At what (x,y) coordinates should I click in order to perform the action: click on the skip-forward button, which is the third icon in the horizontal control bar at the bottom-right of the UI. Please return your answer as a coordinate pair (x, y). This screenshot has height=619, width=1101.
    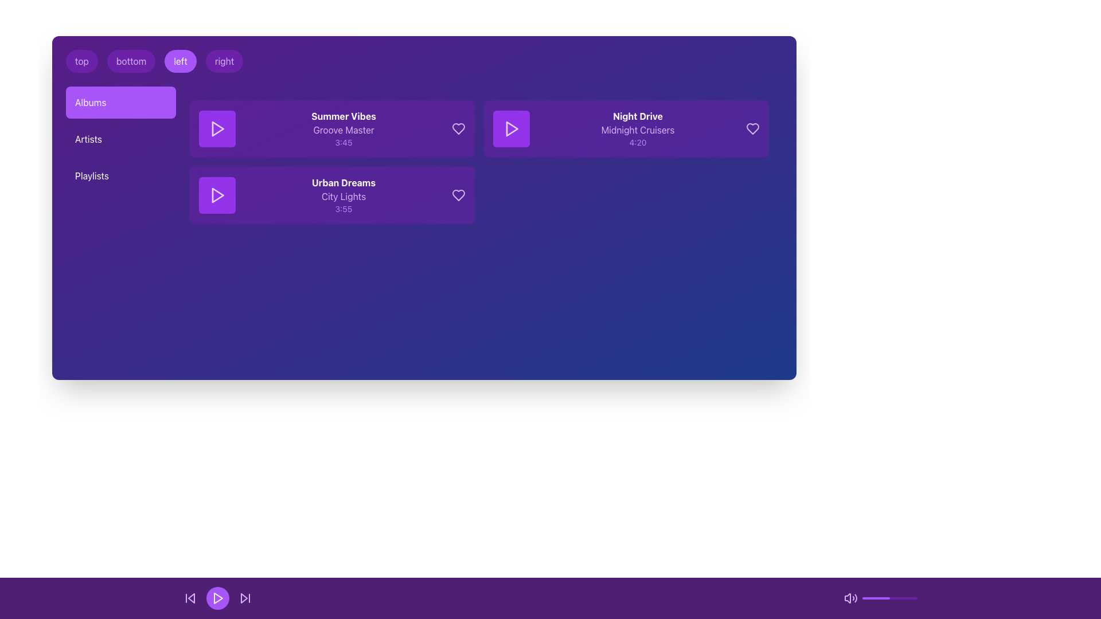
    Looking at the image, I should click on (244, 598).